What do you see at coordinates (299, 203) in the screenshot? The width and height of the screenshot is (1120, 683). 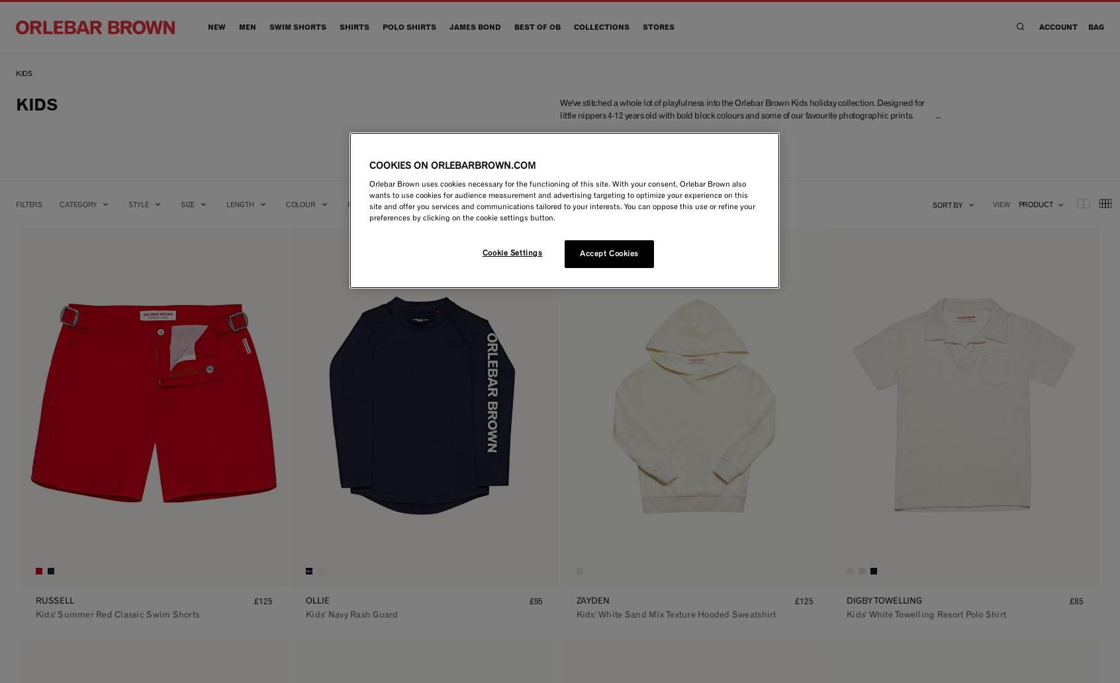 I see `'Colour'` at bounding box center [299, 203].